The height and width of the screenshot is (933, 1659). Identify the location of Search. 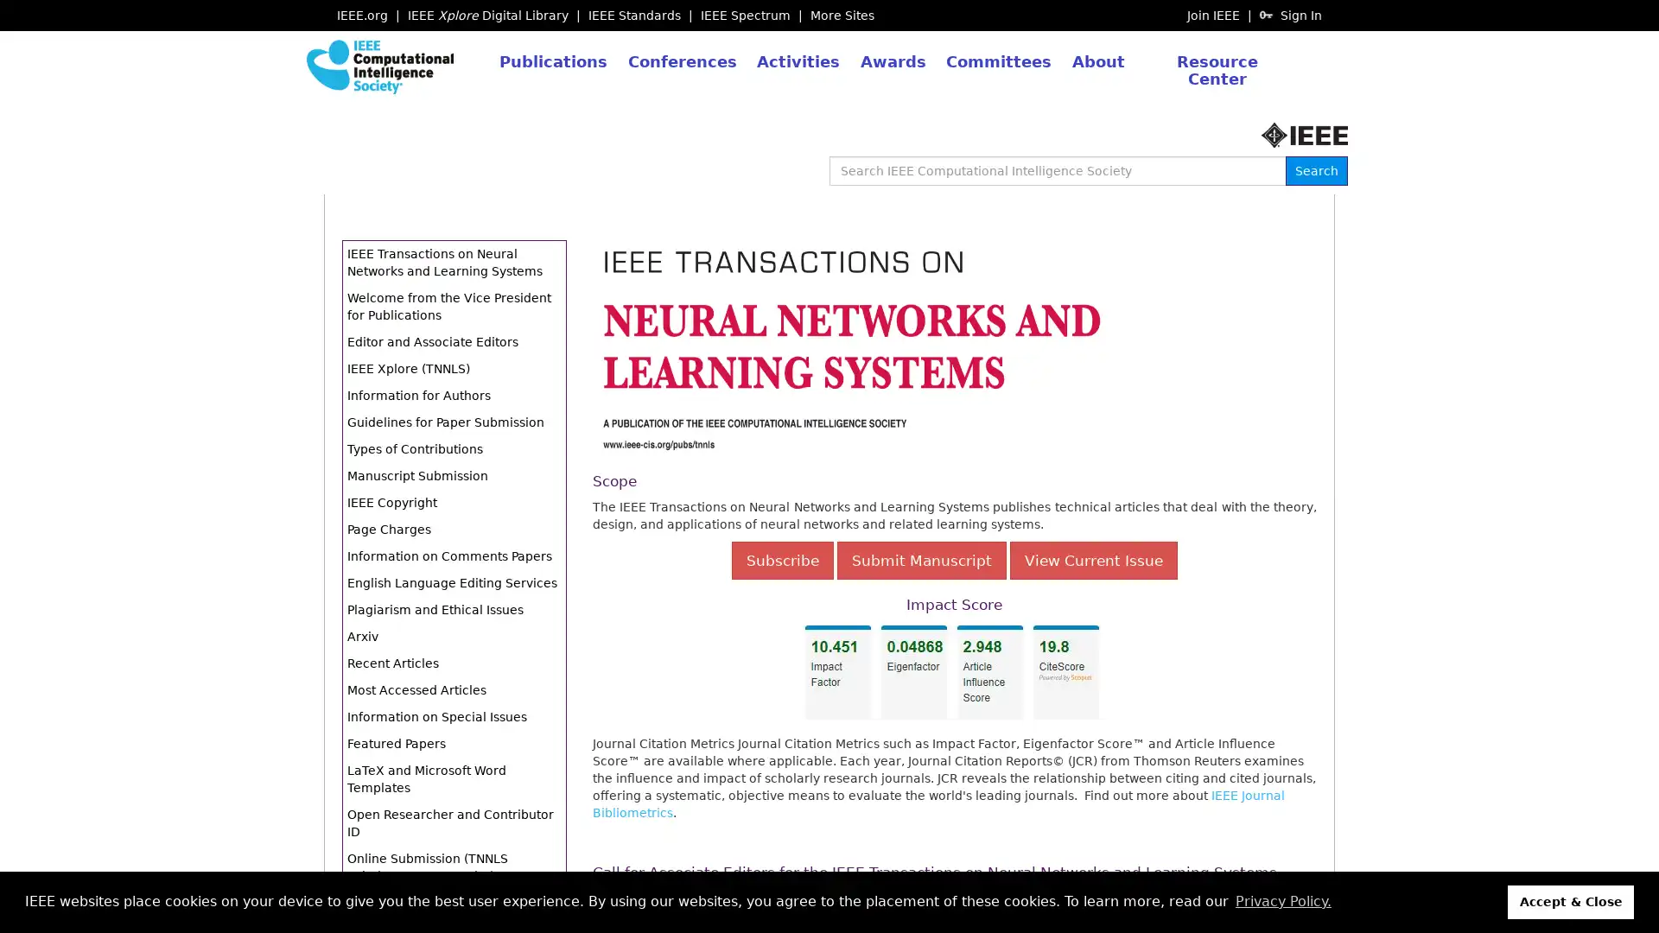
(1315, 169).